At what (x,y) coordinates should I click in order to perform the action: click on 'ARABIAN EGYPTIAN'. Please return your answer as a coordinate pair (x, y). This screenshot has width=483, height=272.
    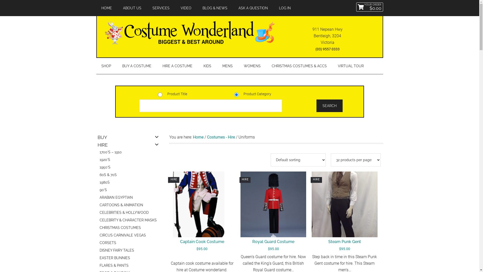
    Looking at the image, I should click on (128, 198).